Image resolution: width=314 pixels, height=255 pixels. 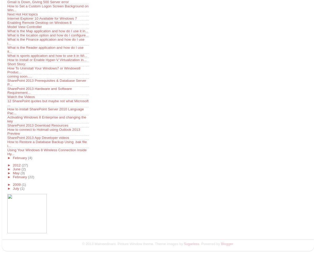 I want to click on 'SharePoint 2013 App Developer videos', so click(x=7, y=137).